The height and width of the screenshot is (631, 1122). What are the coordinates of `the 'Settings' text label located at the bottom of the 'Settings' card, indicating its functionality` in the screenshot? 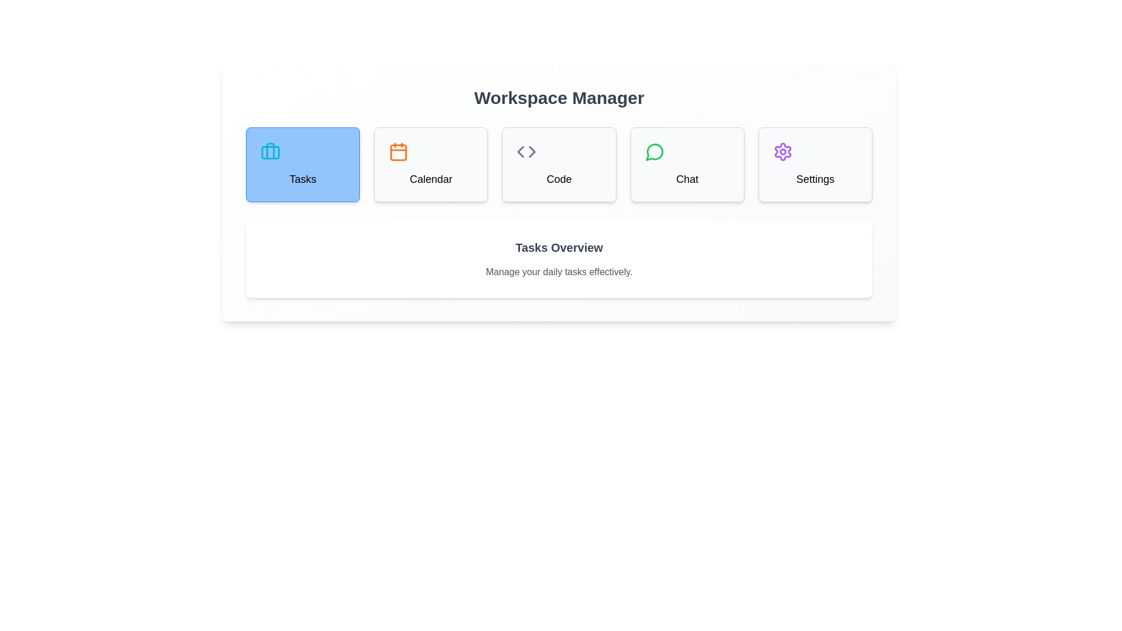 It's located at (815, 179).